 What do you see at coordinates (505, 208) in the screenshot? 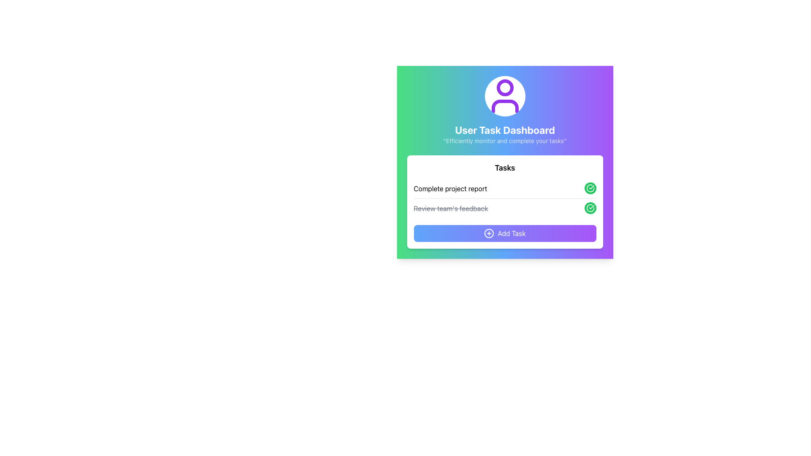
I see `the Task item displaying 'Review team's feedback' with a strikethrough style, which is the second item in the list of tasks` at bounding box center [505, 208].